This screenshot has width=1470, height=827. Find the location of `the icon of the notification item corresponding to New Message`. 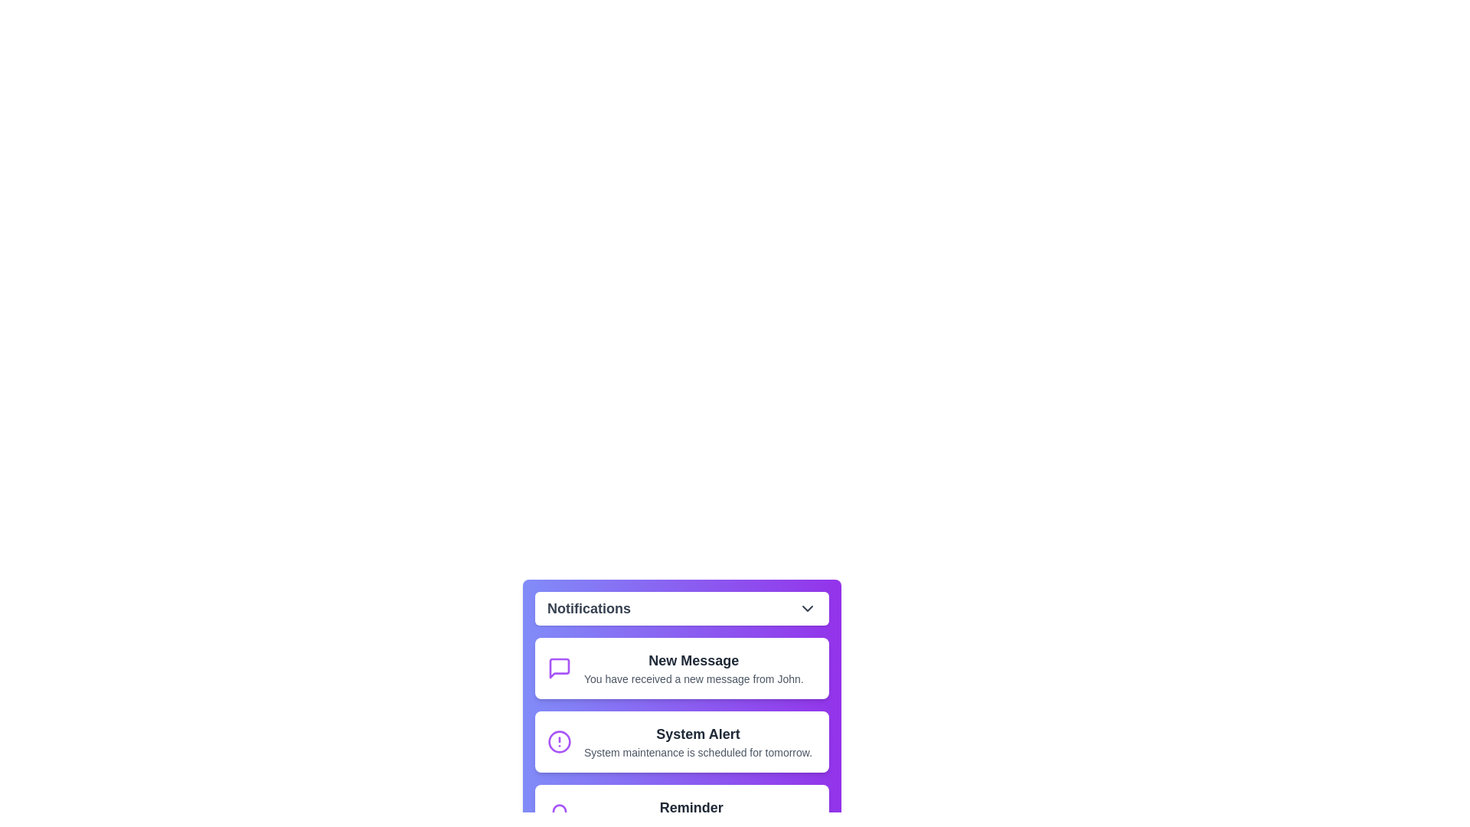

the icon of the notification item corresponding to New Message is located at coordinates (558, 667).